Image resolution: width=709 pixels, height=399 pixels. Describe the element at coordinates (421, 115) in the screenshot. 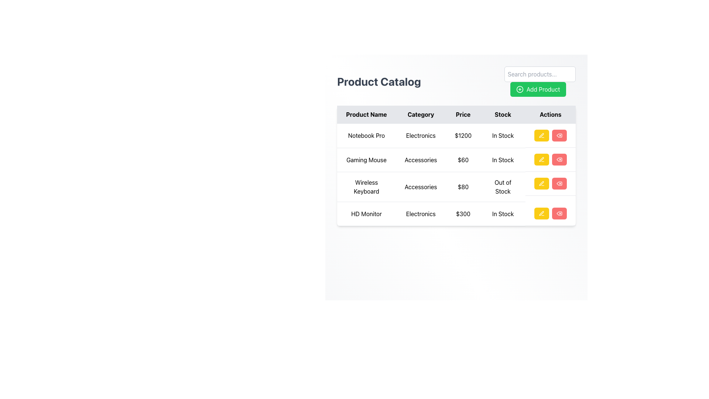

I see `the table header labeled 'Category' which is the second column header in the product catalog table` at that location.